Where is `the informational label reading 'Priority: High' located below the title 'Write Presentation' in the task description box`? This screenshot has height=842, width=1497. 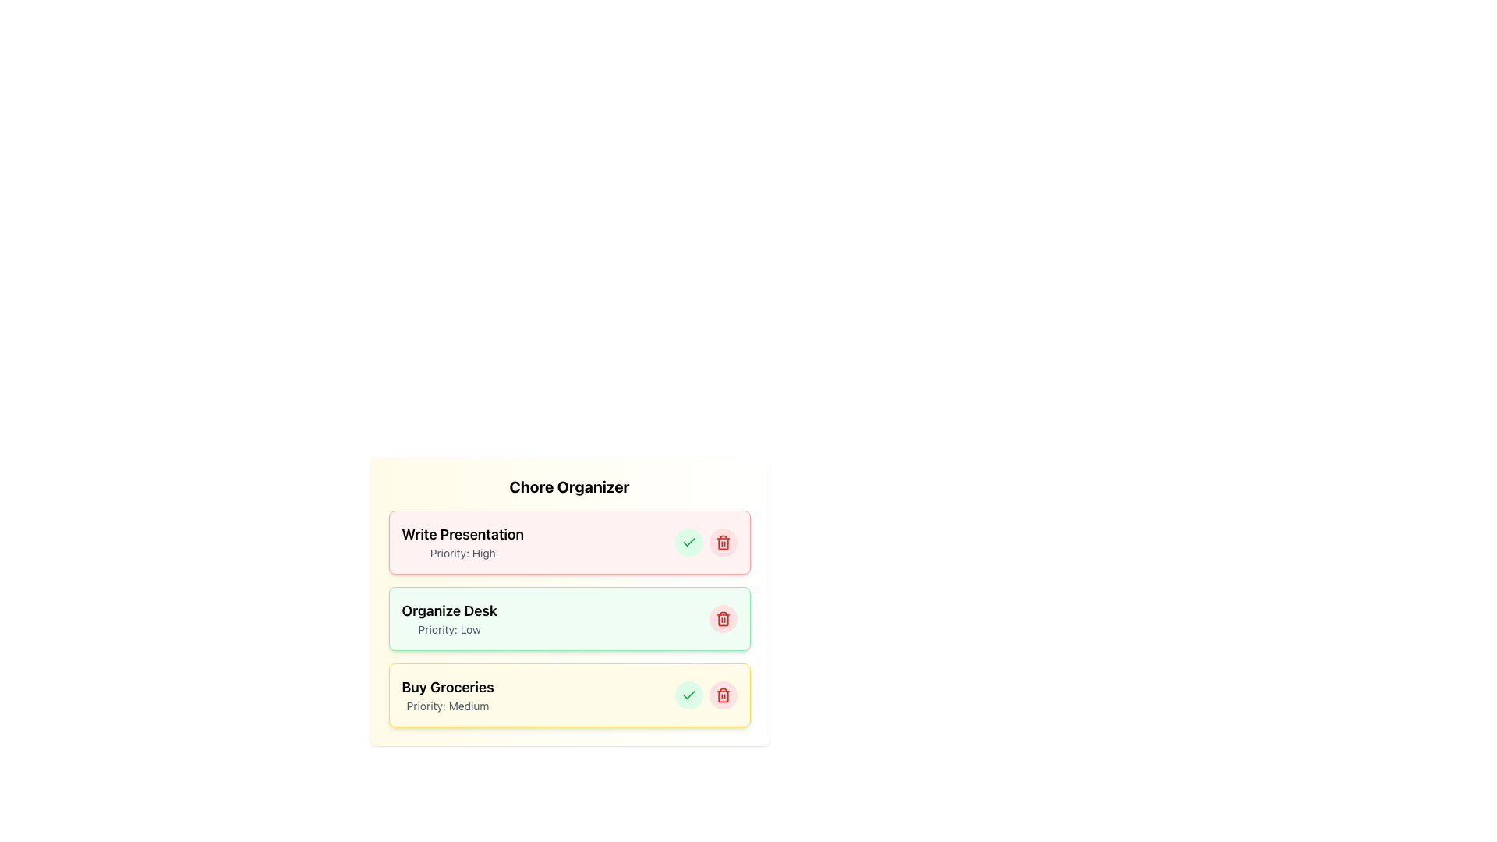
the informational label reading 'Priority: High' located below the title 'Write Presentation' in the task description box is located at coordinates (462, 552).